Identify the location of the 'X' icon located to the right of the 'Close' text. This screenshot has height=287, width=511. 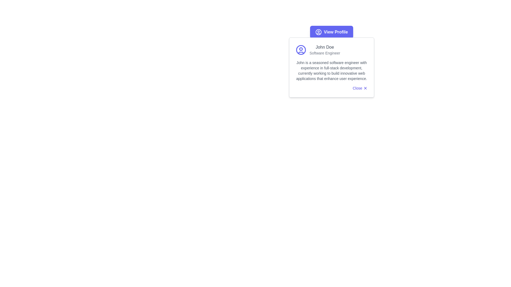
(365, 88).